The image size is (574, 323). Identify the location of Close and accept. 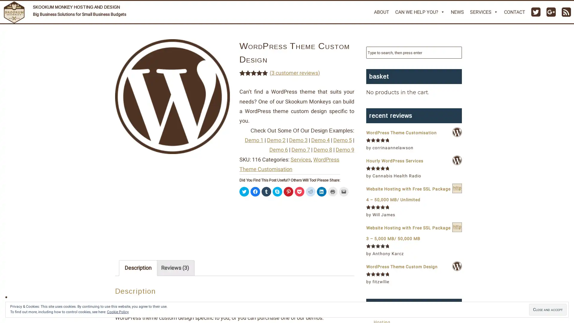
(548, 310).